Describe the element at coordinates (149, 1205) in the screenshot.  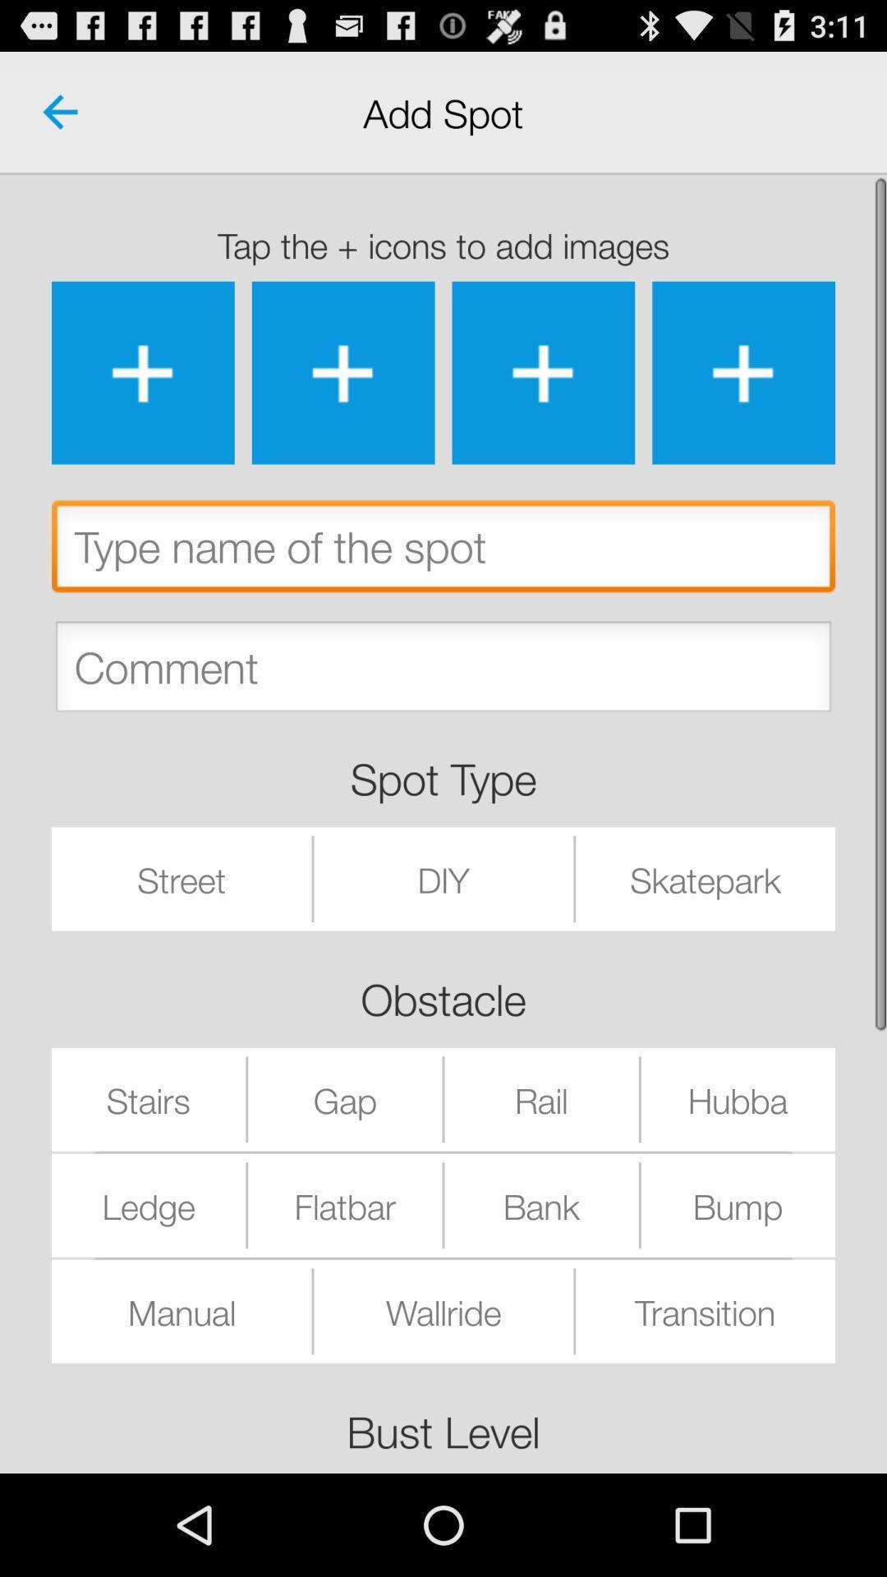
I see `the ledge` at that location.